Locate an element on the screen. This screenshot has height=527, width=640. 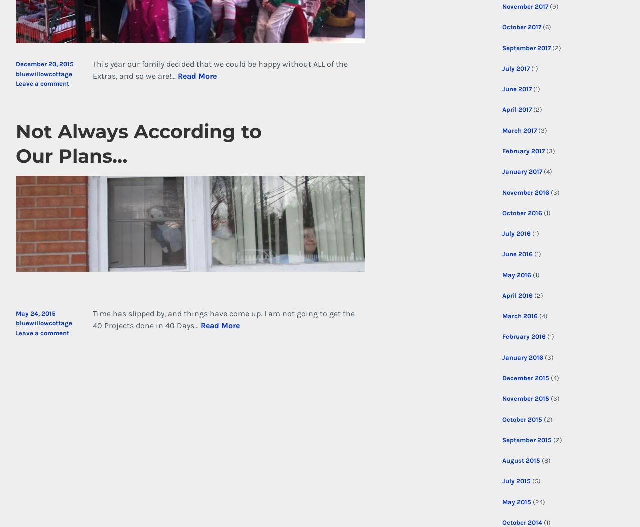
'November 2016' is located at coordinates (525, 192).